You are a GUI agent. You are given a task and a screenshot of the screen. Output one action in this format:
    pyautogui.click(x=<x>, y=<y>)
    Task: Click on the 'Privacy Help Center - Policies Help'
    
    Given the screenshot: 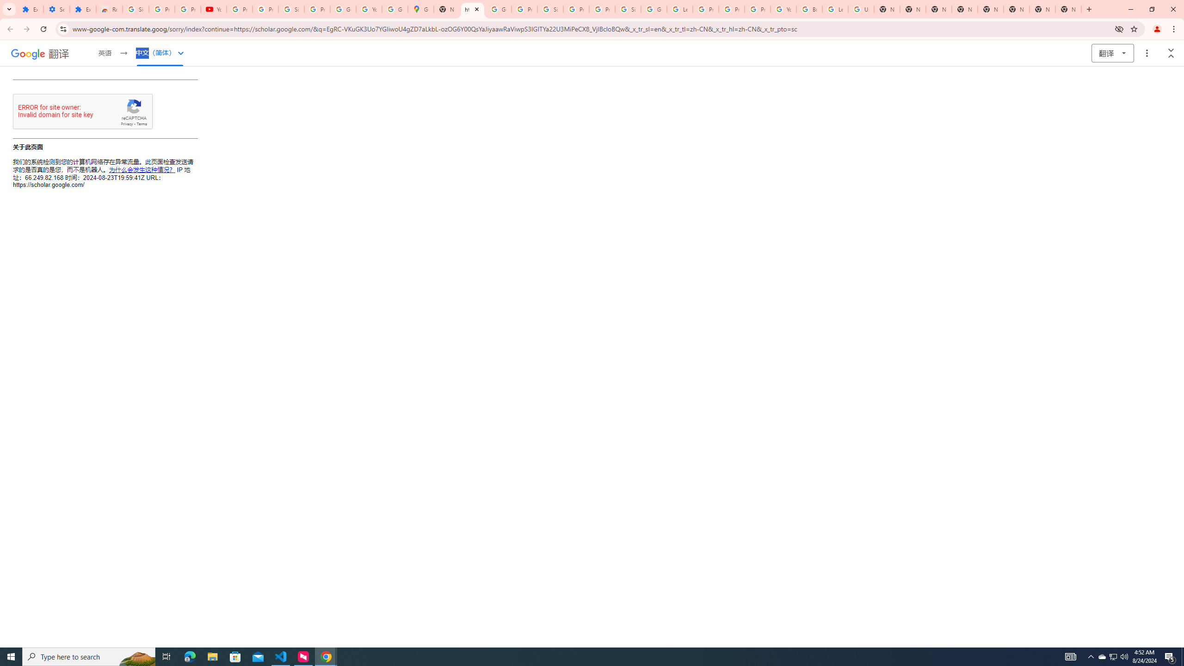 What is the action you would take?
    pyautogui.click(x=731, y=9)
    